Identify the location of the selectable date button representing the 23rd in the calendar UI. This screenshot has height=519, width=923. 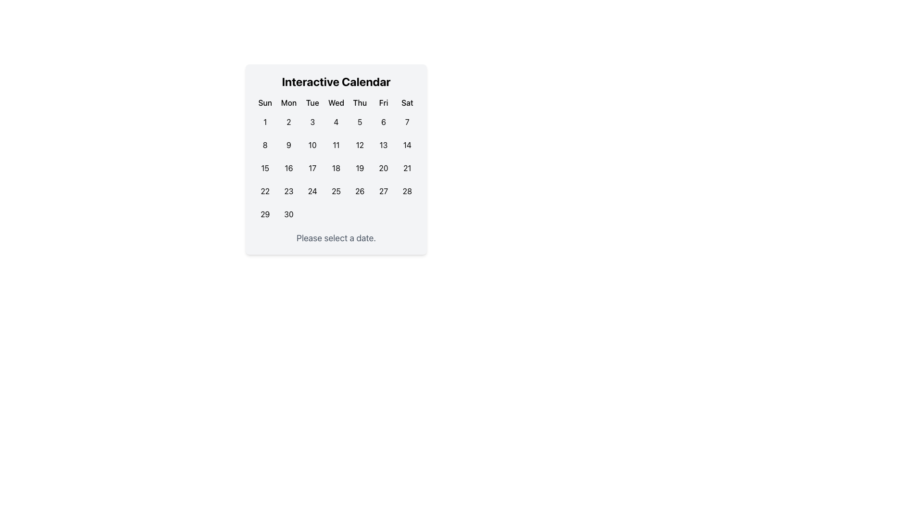
(288, 191).